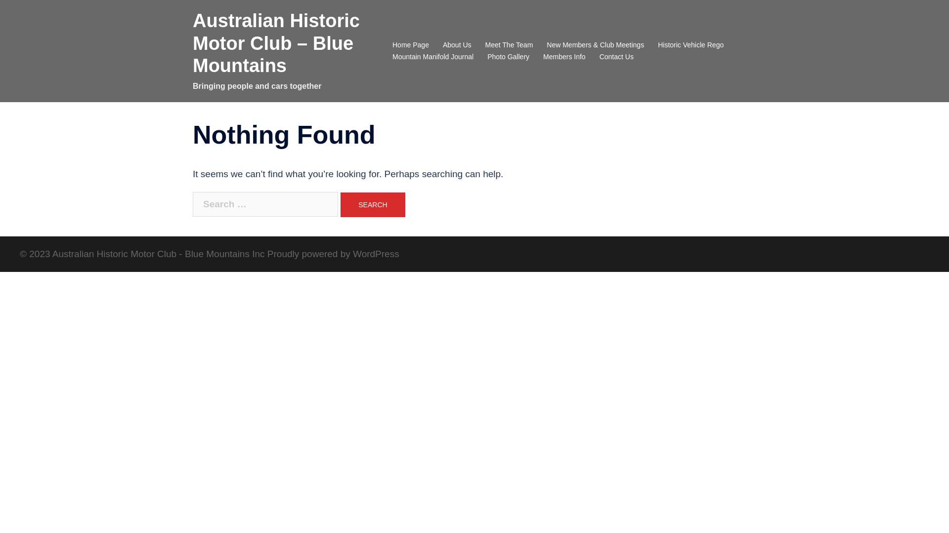  Describe the element at coordinates (372, 204) in the screenshot. I see `'Search'` at that location.